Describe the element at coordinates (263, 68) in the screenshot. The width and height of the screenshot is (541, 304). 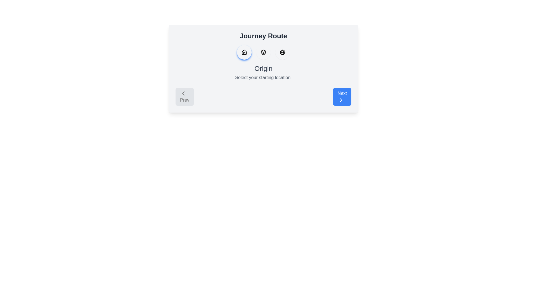
I see `the 'Origin' text label, which is displayed in a large, bold font and positioned centrally near the top of the 'Journey Route' section` at that location.